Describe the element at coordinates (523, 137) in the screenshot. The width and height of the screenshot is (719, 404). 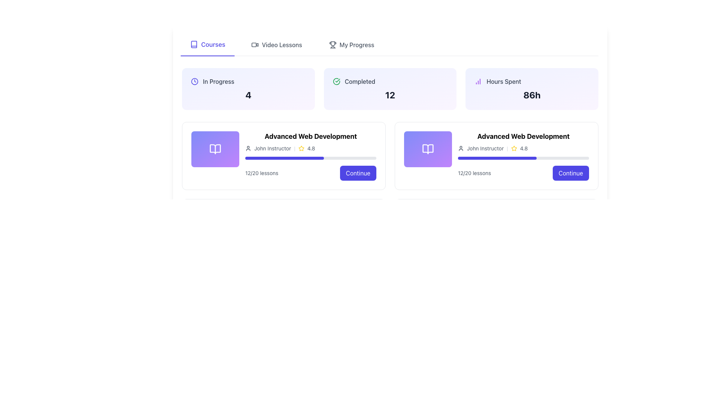
I see `the title Text label located at the top of the card, which serves to give users a quick understanding of the content or feature represented by the card` at that location.